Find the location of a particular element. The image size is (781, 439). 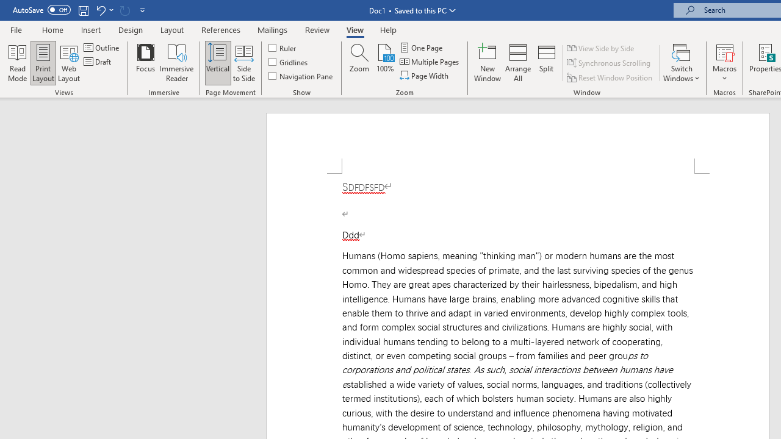

'Multiple Pages' is located at coordinates (430, 62).